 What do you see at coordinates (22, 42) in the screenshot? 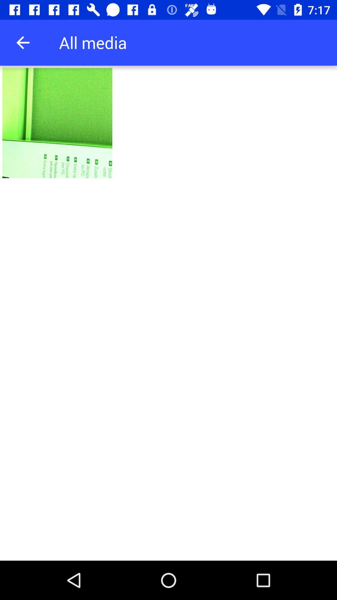
I see `previous` at bounding box center [22, 42].